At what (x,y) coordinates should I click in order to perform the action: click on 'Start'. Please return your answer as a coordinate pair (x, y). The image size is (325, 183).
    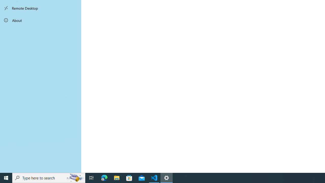
    Looking at the image, I should click on (6, 177).